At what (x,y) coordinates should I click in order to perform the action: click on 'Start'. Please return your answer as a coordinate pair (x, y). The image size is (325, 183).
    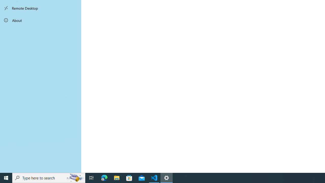
    Looking at the image, I should click on (6, 177).